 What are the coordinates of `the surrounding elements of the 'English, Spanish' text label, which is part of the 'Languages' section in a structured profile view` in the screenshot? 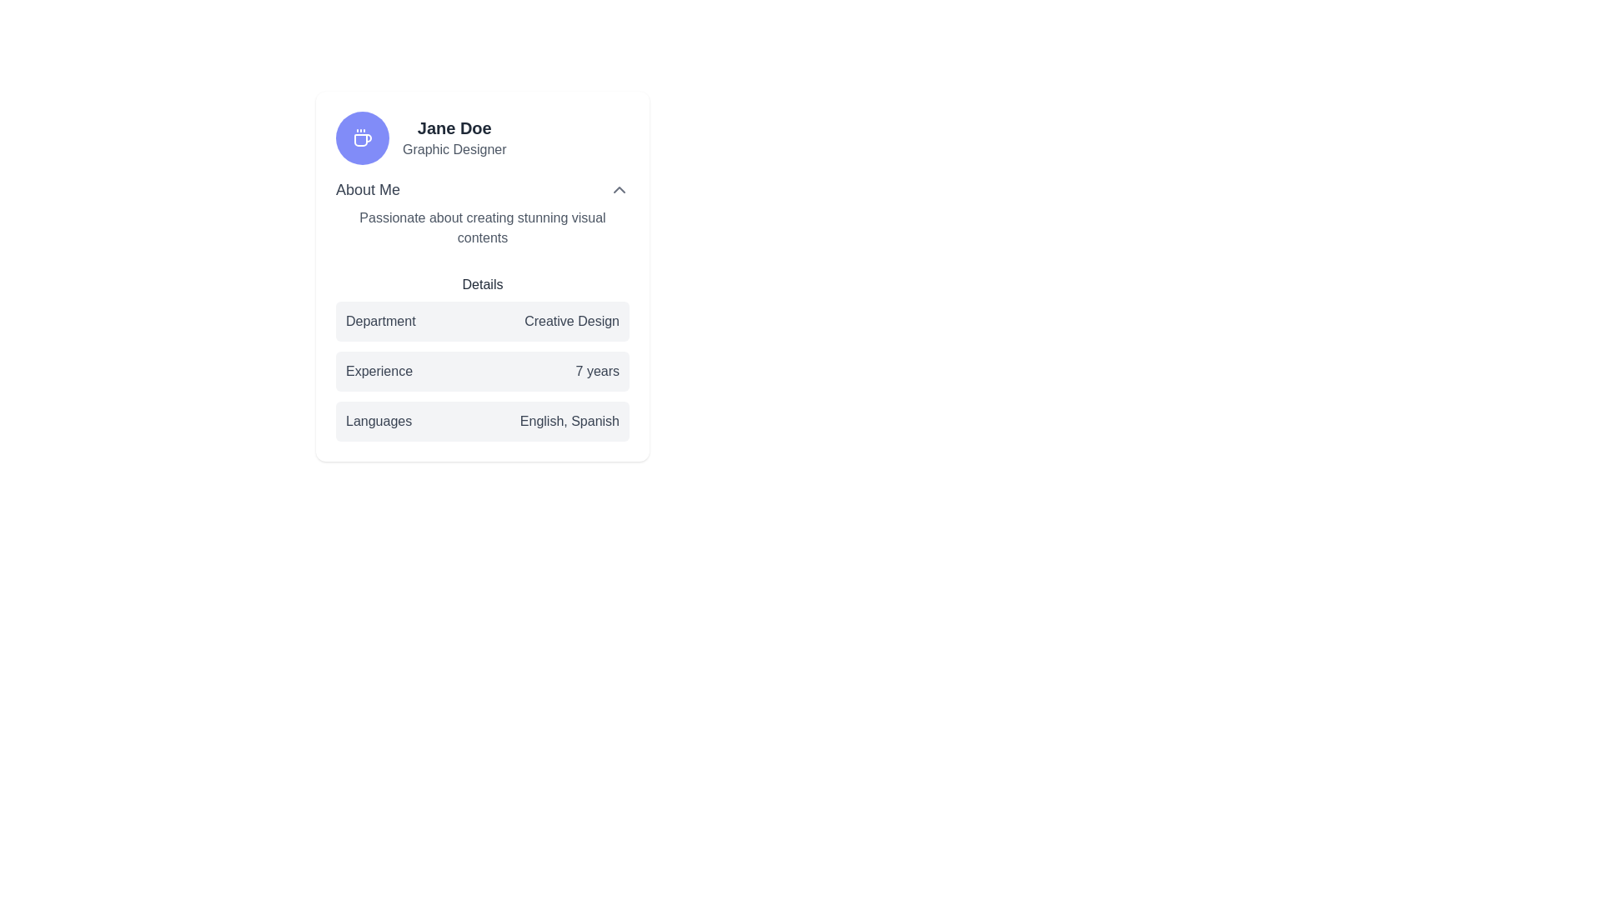 It's located at (570, 420).